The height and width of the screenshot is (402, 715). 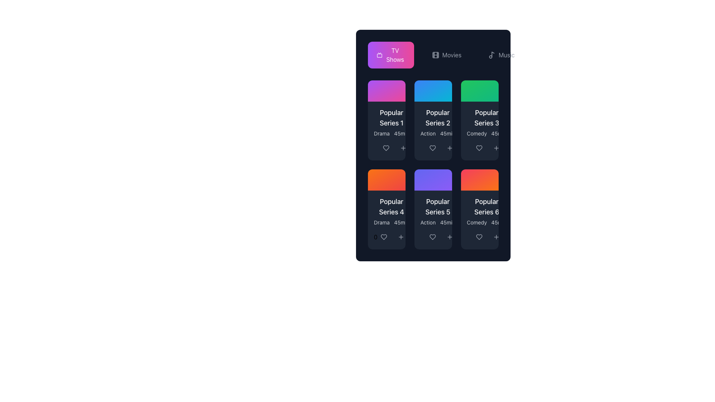 What do you see at coordinates (479, 237) in the screenshot?
I see `the heart-shaped icon in the bottom-right corner of the 'Popular Series 6' card` at bounding box center [479, 237].